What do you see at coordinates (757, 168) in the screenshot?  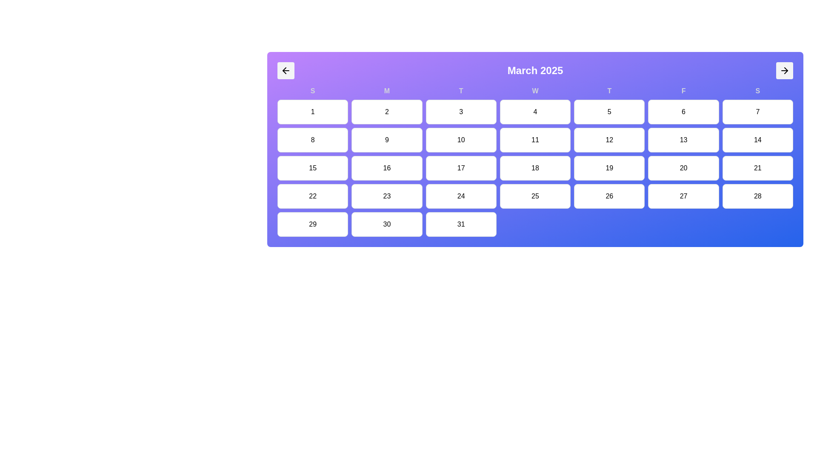 I see `the Calendar day button labeled '21'` at bounding box center [757, 168].